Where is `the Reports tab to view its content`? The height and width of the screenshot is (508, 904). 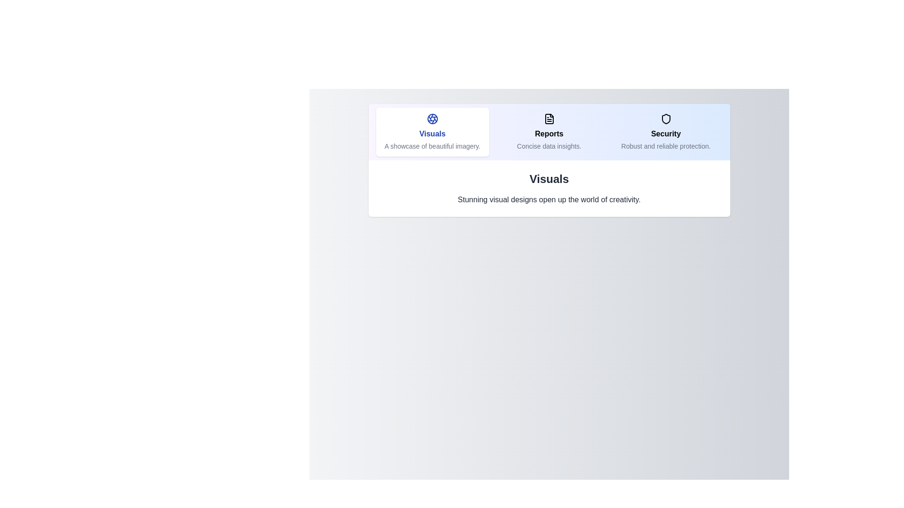
the Reports tab to view its content is located at coordinates (549, 132).